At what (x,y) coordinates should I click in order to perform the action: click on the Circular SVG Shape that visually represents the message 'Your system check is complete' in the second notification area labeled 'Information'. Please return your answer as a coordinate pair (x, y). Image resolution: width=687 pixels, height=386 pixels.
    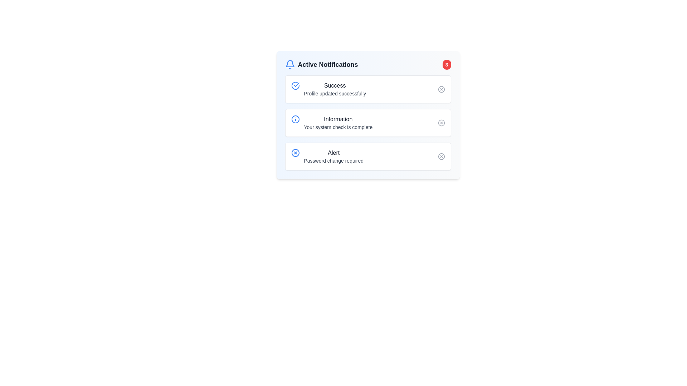
    Looking at the image, I should click on (295, 119).